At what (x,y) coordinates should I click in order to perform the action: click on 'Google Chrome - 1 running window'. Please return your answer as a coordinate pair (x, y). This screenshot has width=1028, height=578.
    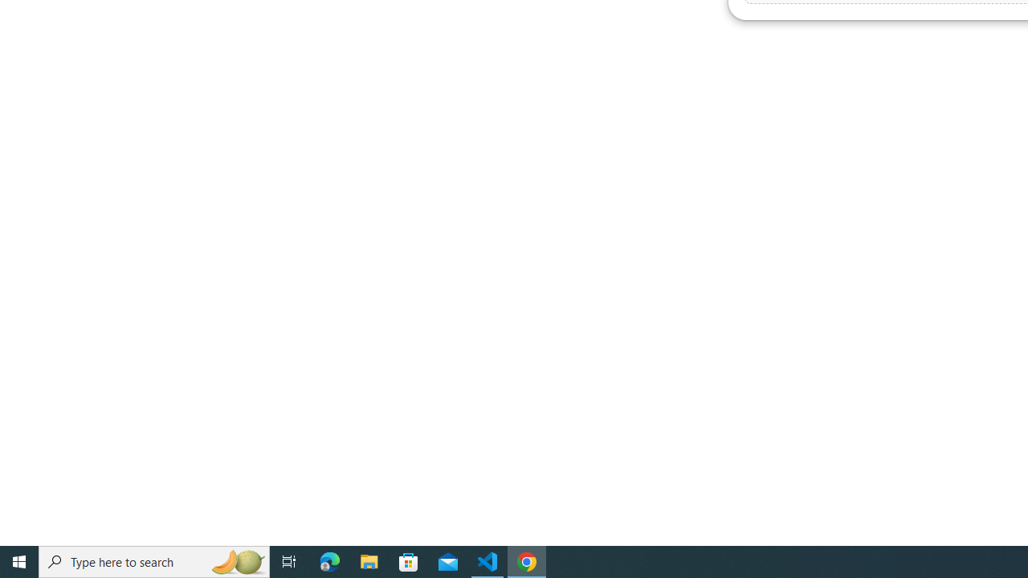
    Looking at the image, I should click on (527, 560).